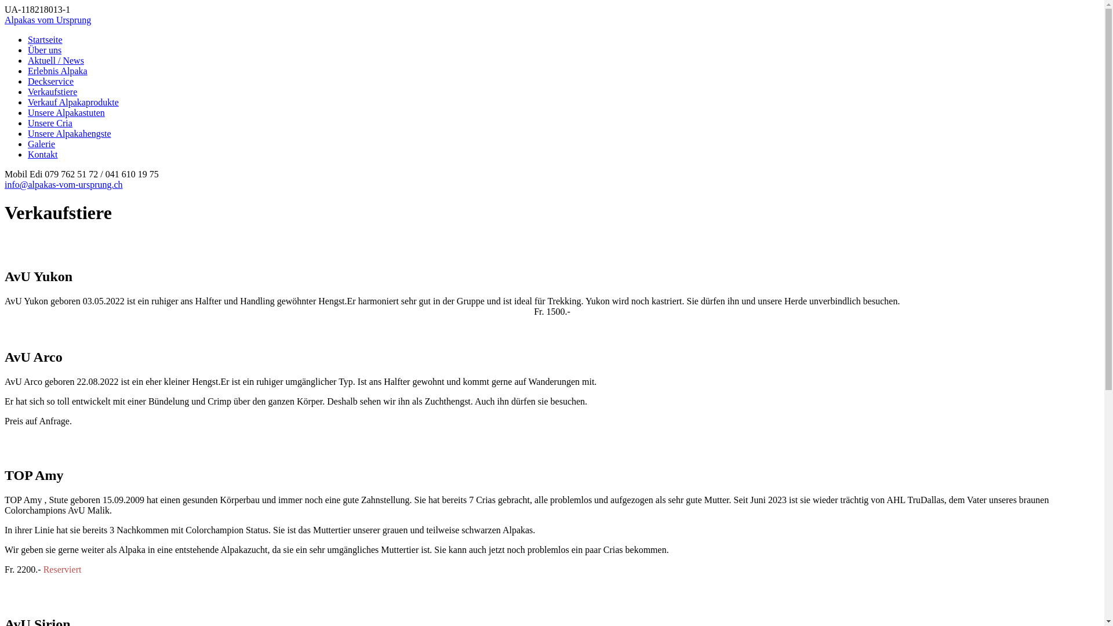  I want to click on 'Erlebnis Alpaka', so click(57, 71).